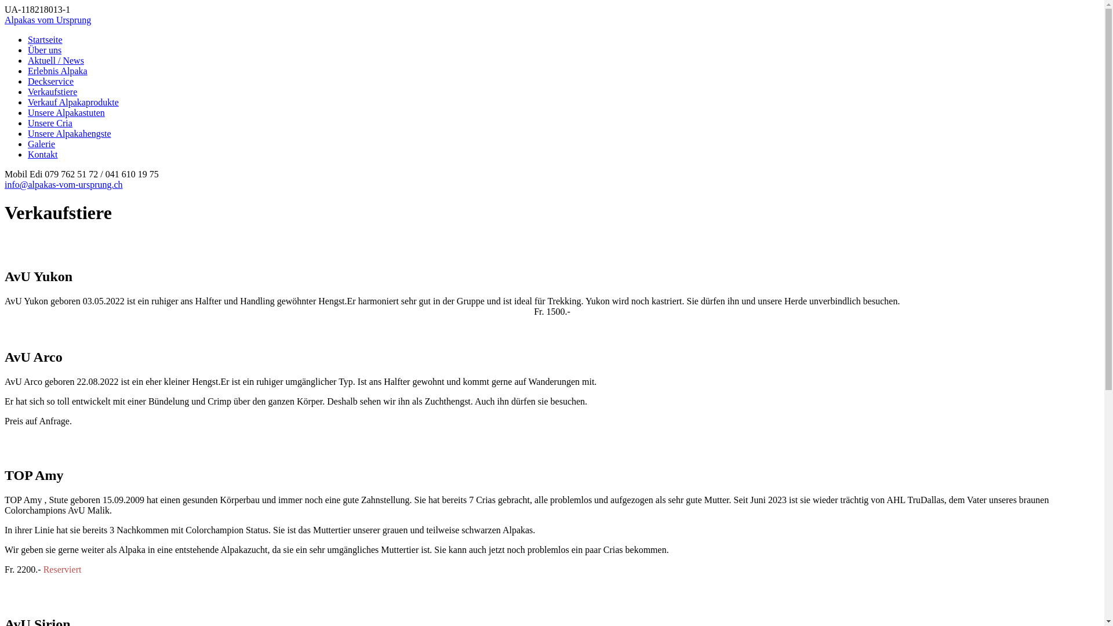  I want to click on 'Erlebnis Alpaka', so click(57, 71).